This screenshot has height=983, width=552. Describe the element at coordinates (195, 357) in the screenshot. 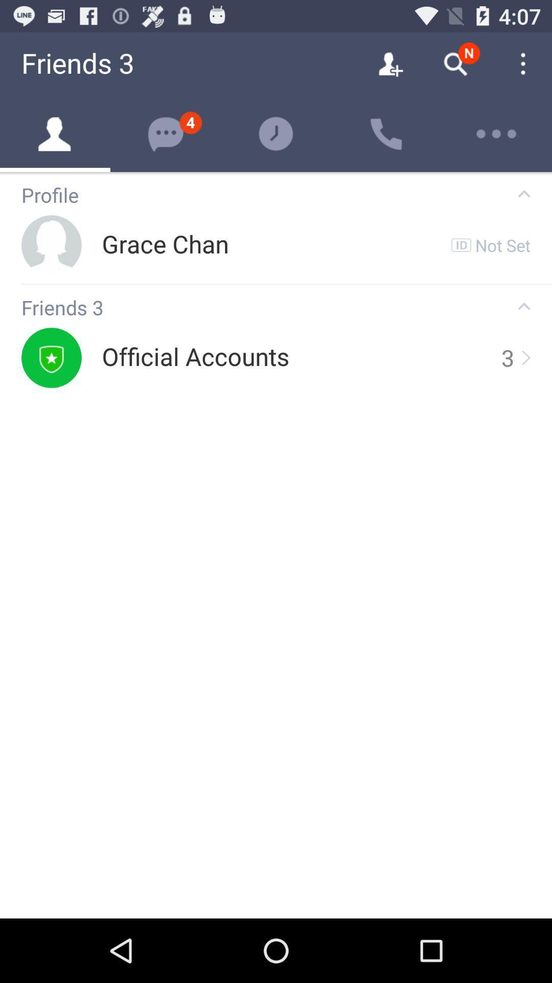

I see `the app below friends 3 app` at that location.